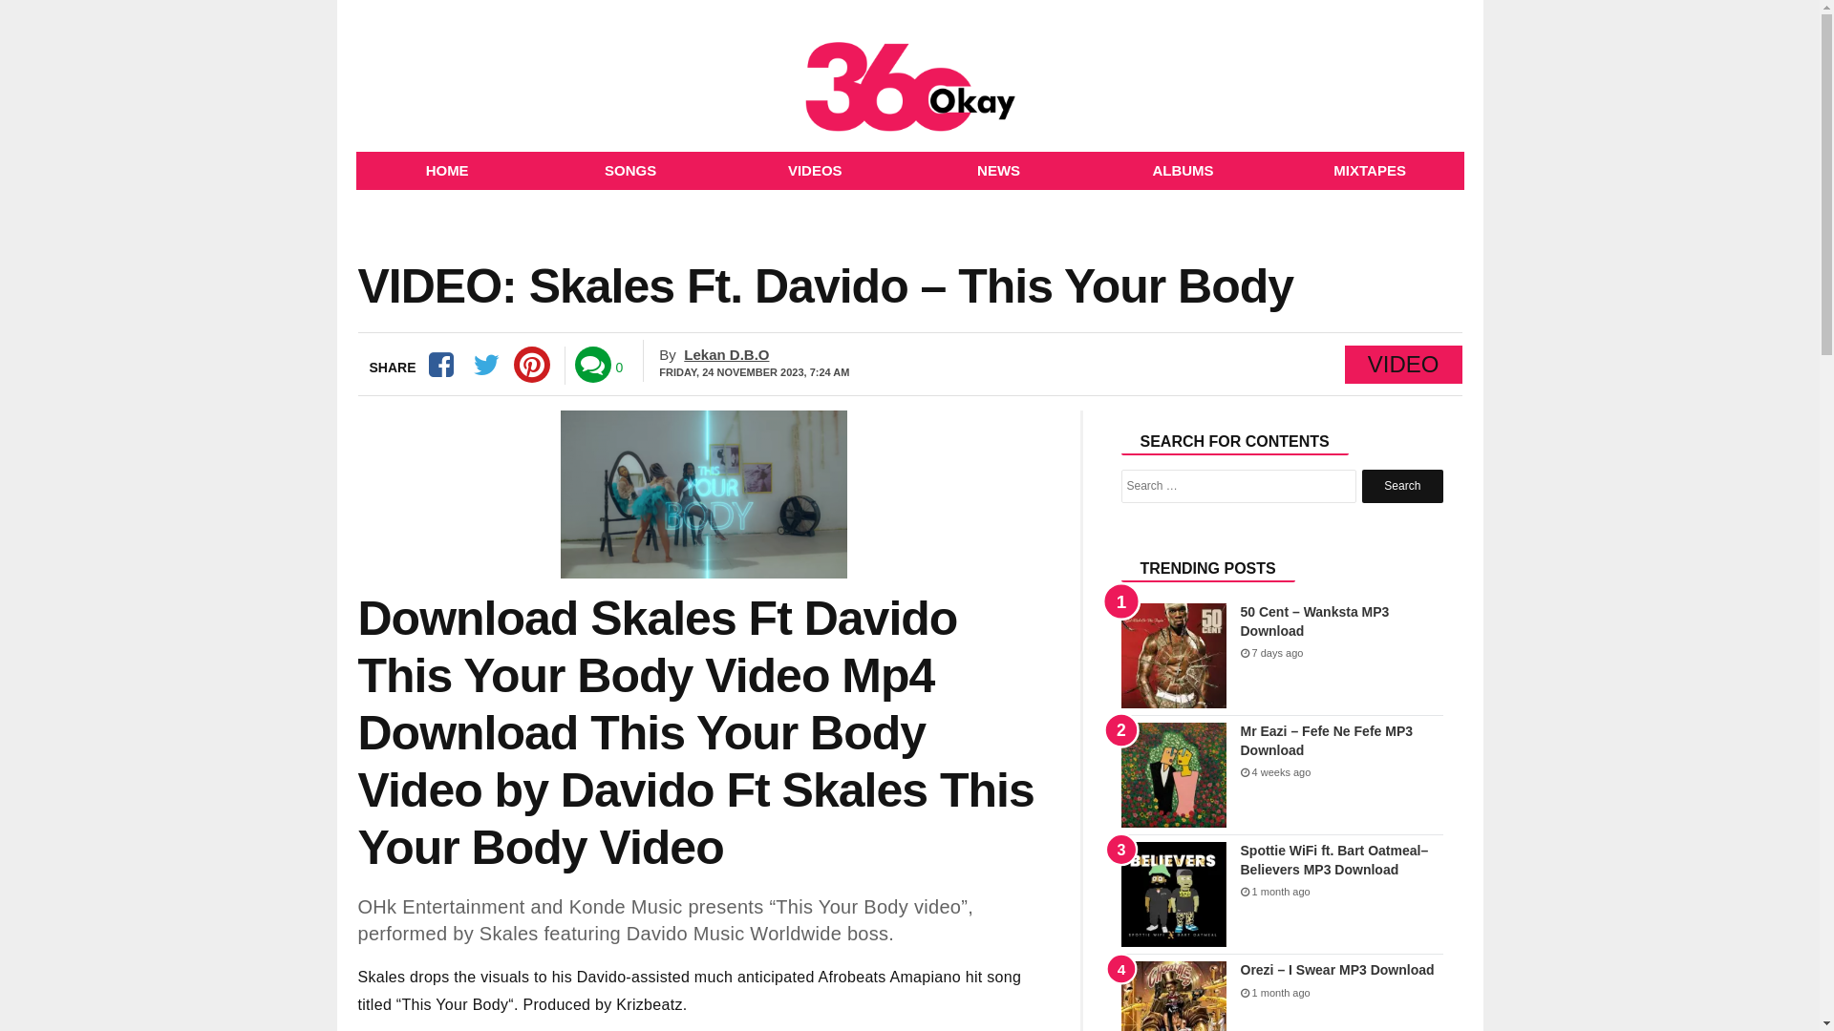  What do you see at coordinates (630, 169) in the screenshot?
I see `'SONGS'` at bounding box center [630, 169].